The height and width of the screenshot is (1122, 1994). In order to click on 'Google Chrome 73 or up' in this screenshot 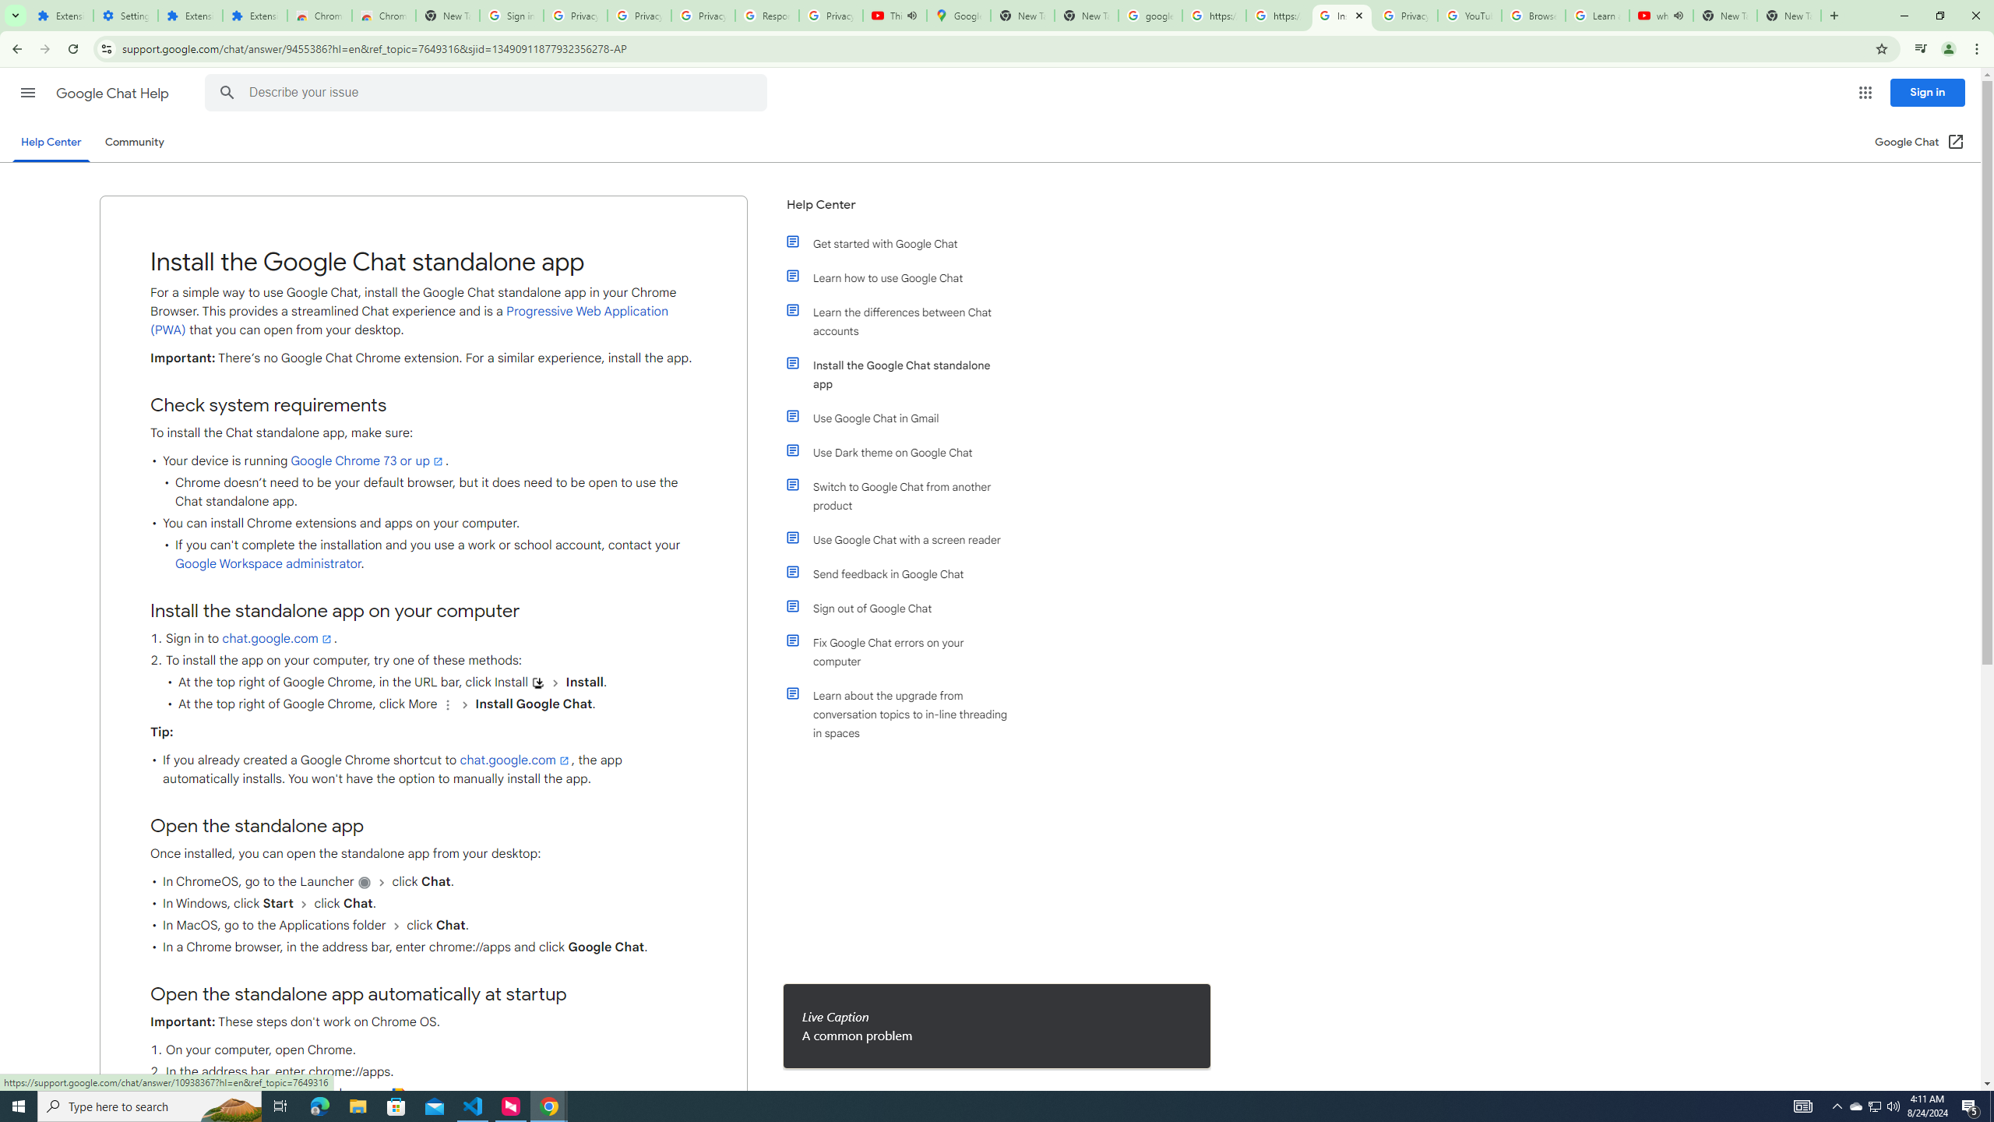, I will do `click(368, 460)`.